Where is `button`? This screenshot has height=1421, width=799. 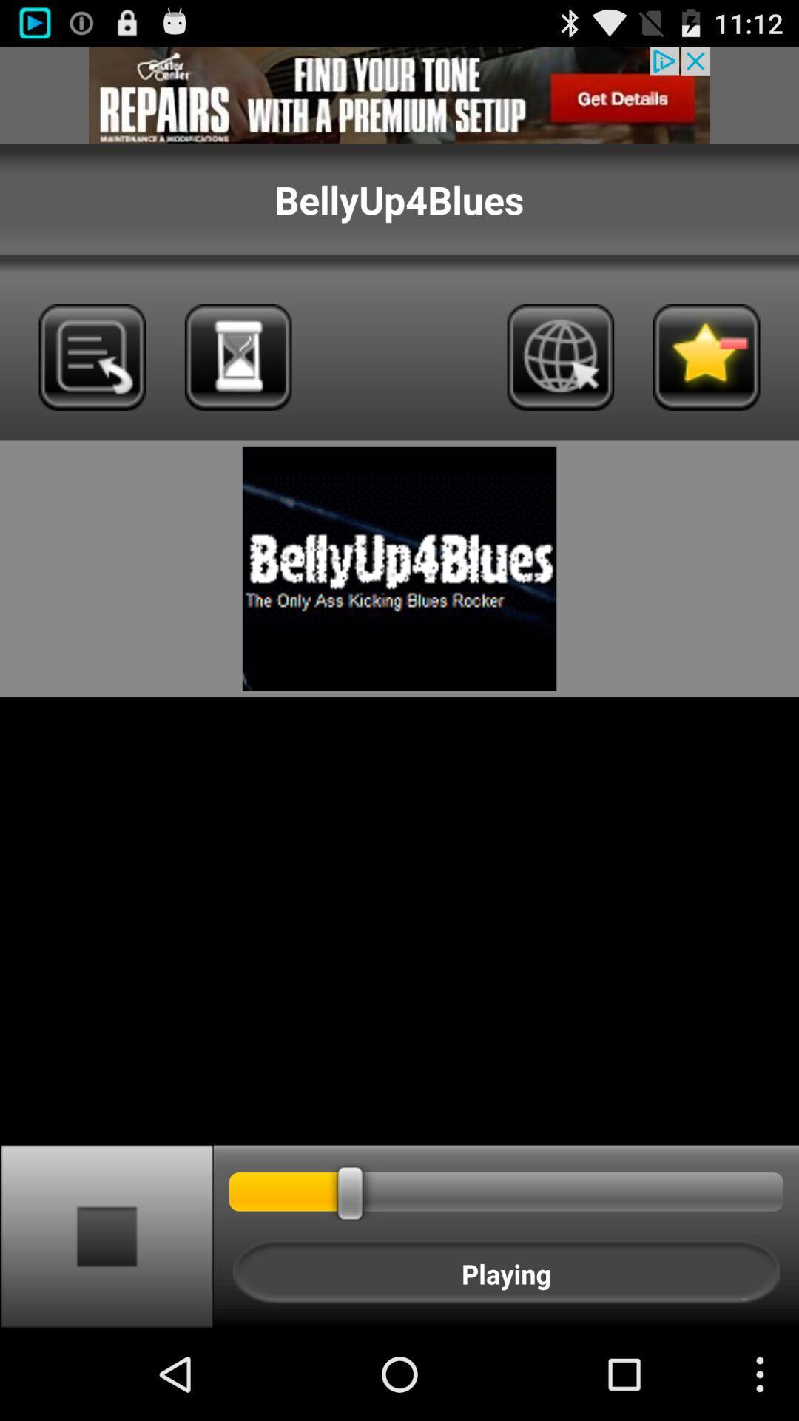 button is located at coordinates (106, 1235).